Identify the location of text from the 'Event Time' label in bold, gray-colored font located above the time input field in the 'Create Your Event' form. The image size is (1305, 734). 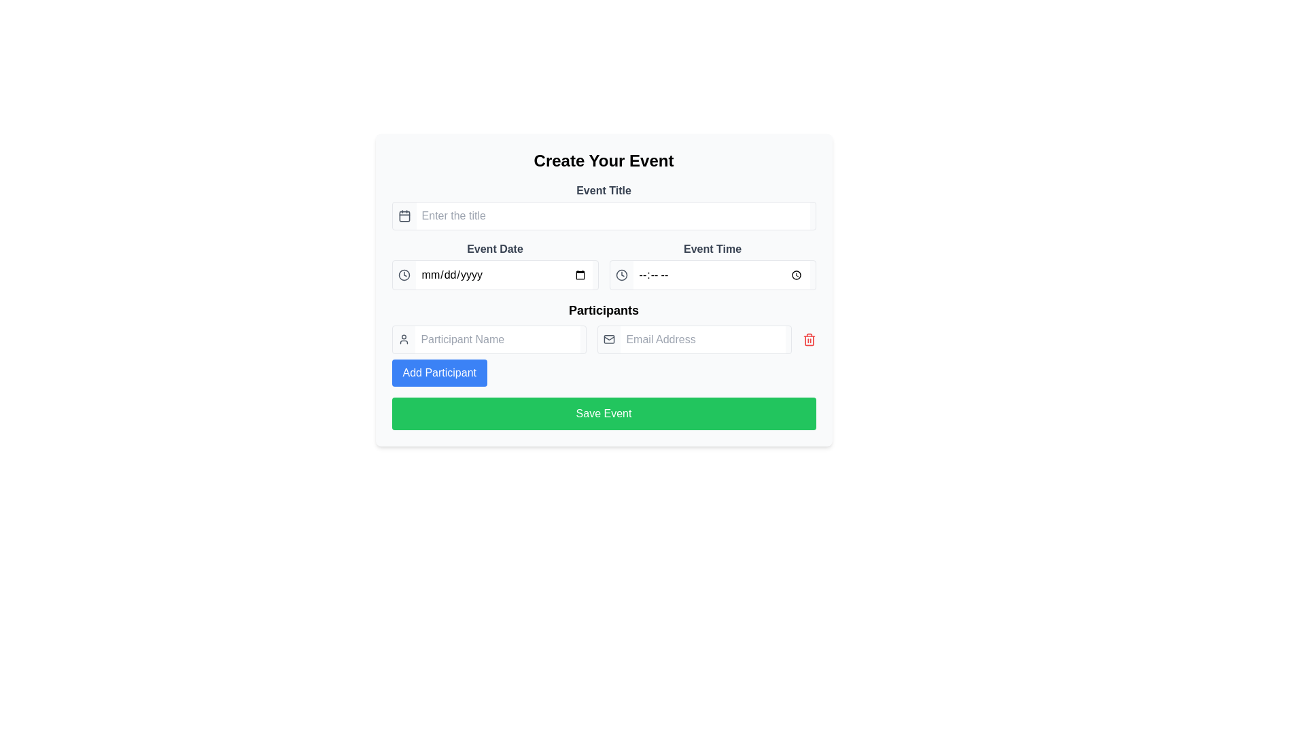
(712, 249).